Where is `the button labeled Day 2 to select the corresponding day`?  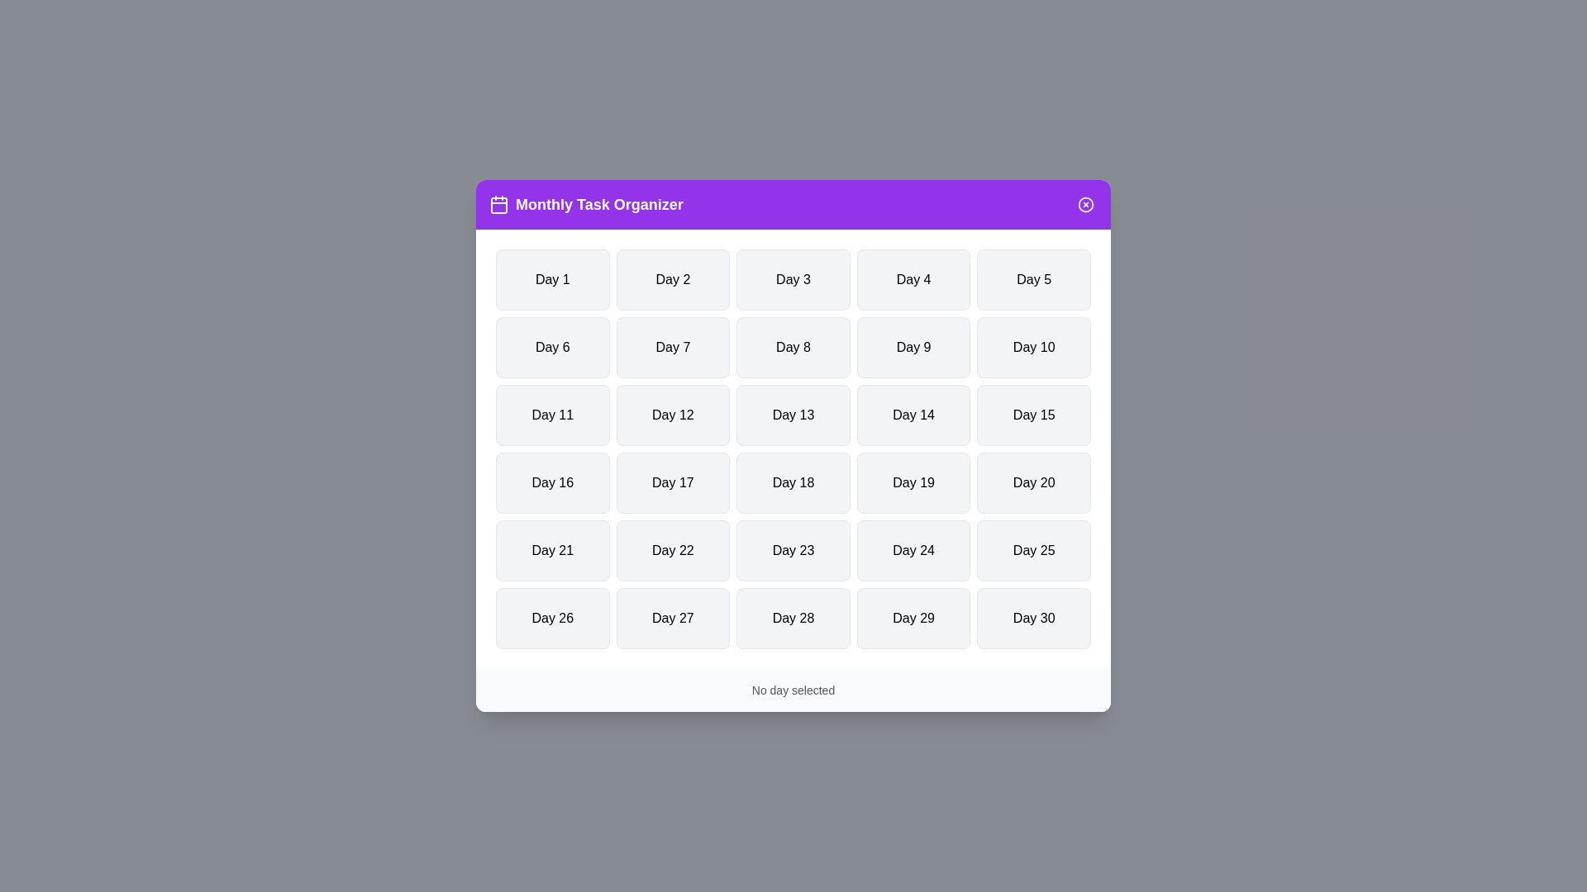
the button labeled Day 2 to select the corresponding day is located at coordinates (673, 279).